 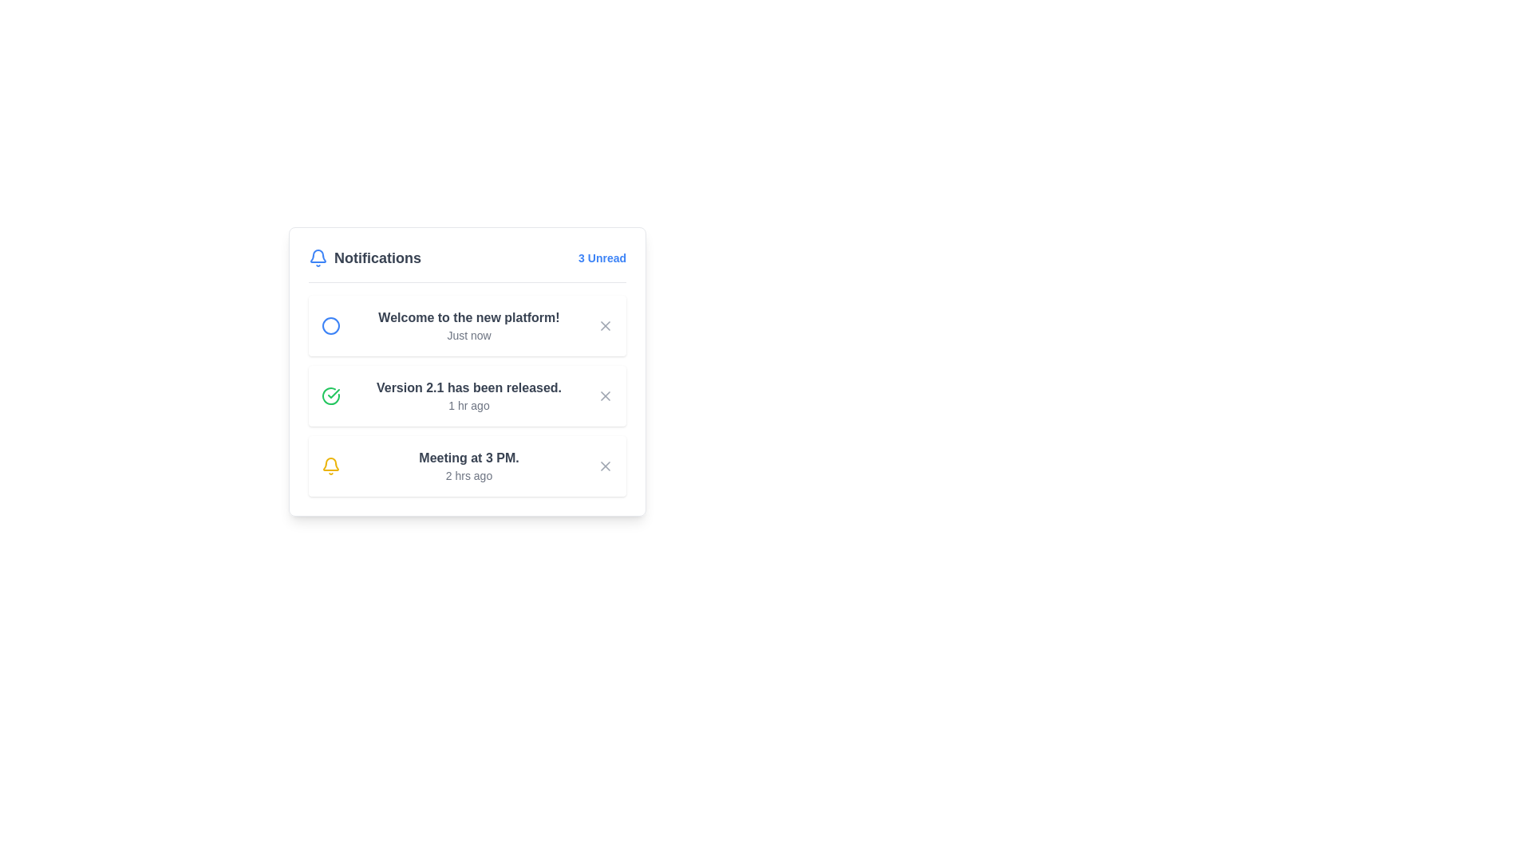 What do you see at coordinates (330, 324) in the screenshot?
I see `the SVG circle icon located at the topmost position of the notification card, which is aligned to the left of the text 'Welcome to the new platform!'` at bounding box center [330, 324].